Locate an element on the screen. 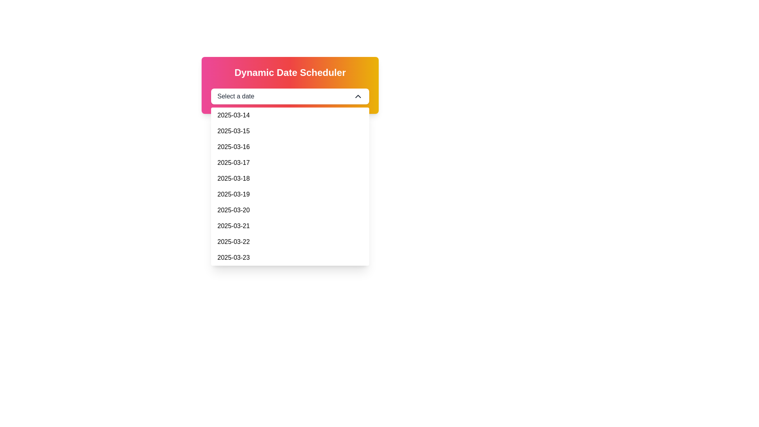 The width and height of the screenshot is (759, 427). the Dropdown menu located below the 'Dynamic Date Scheduler' heading to navigate is located at coordinates (290, 96).